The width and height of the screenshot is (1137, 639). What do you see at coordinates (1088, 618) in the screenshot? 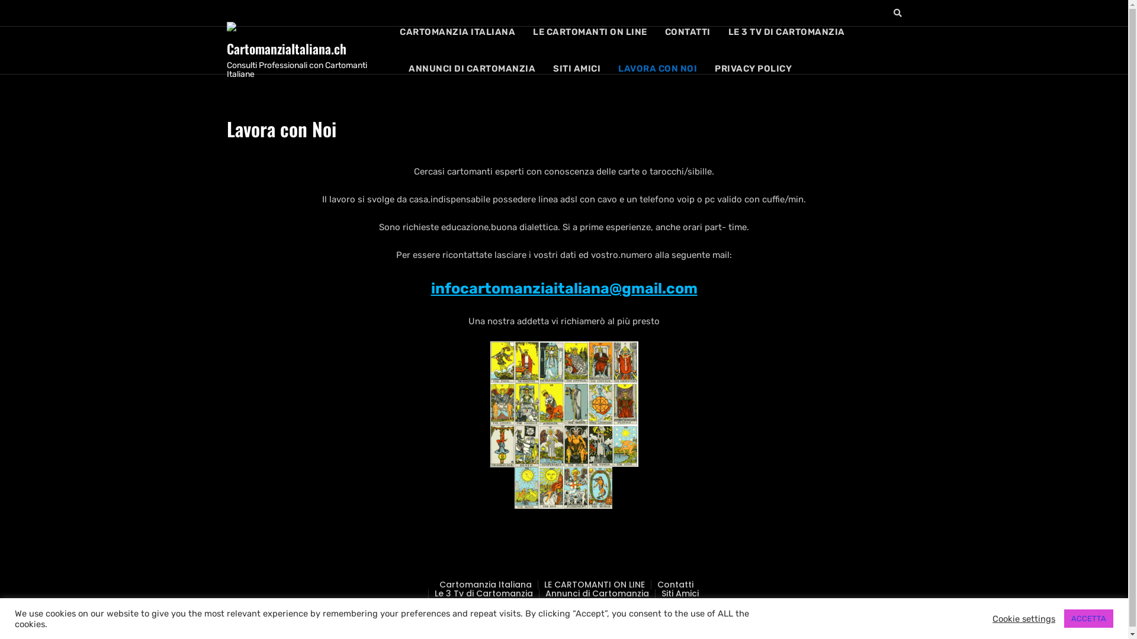
I see `'ACCETTA'` at bounding box center [1088, 618].